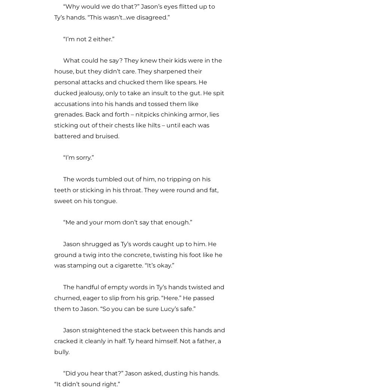 The width and height of the screenshot is (374, 390). I want to click on 'The handful of empty words in Ty’s hands twisted and churned, eager to slip from his grip. “Here.” He passed them to Jason. “So you can be sure Lucy’s safe.”', so click(139, 298).